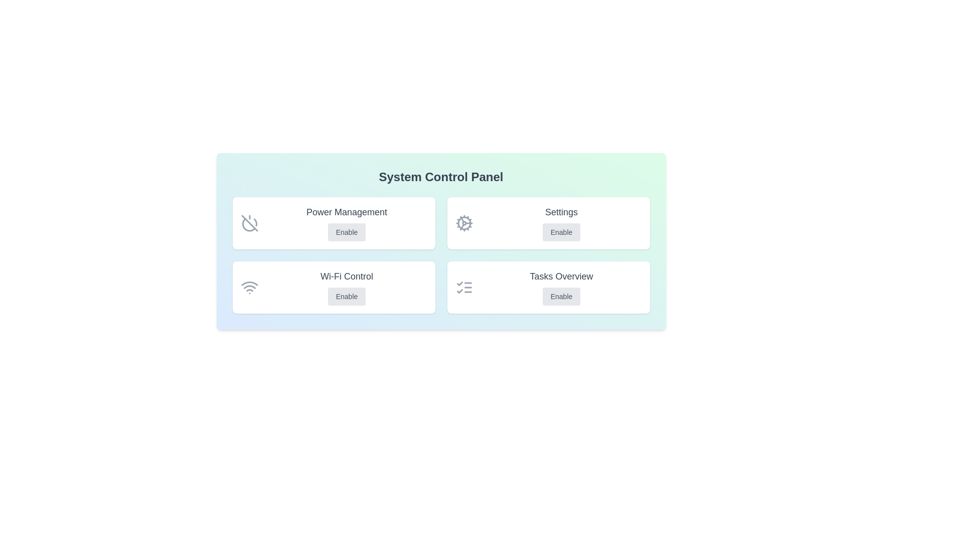  I want to click on the 'Settings' tile located in the upper right area of the grid layout, which contains an 'Enable' button for activation or setting toggle functionality, so click(548, 222).